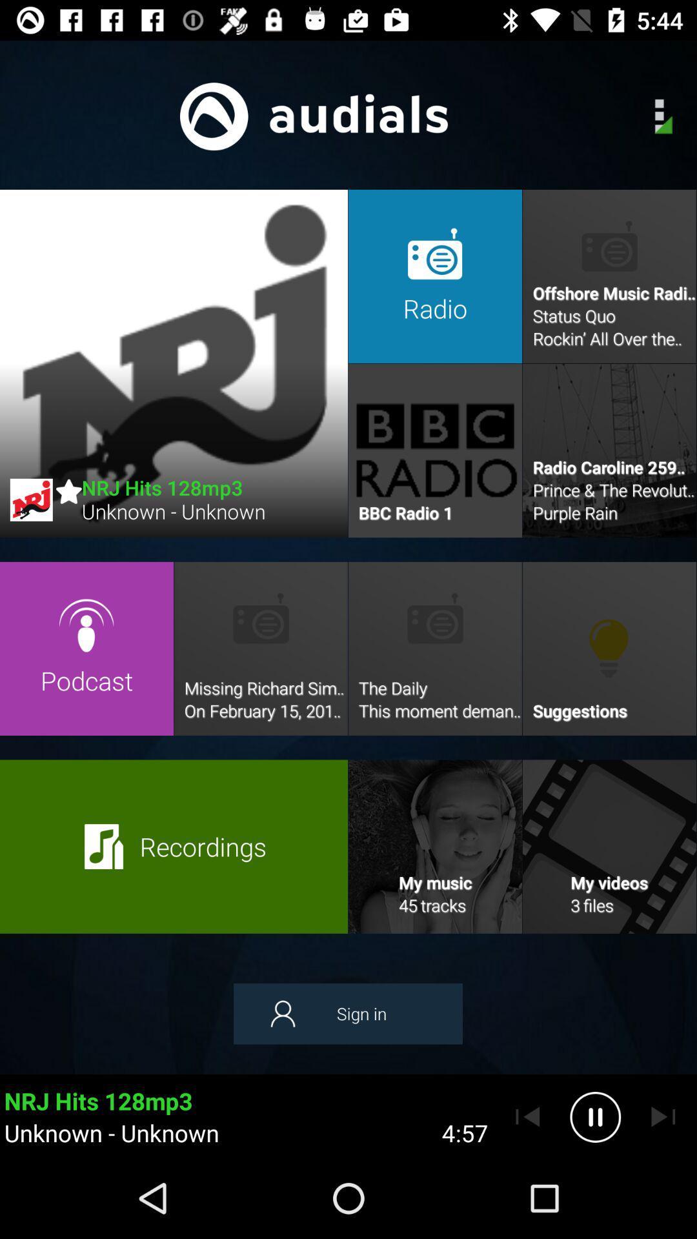 This screenshot has height=1239, width=697. I want to click on go forward, so click(663, 1116).